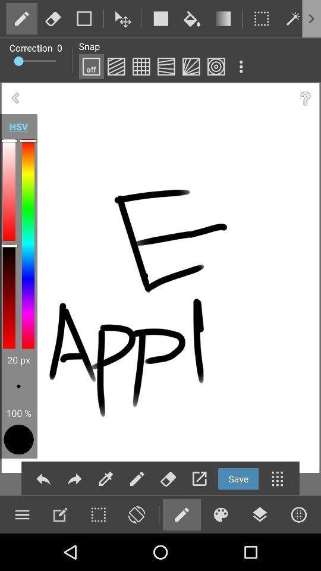 Image resolution: width=321 pixels, height=571 pixels. I want to click on zoom, so click(136, 514).